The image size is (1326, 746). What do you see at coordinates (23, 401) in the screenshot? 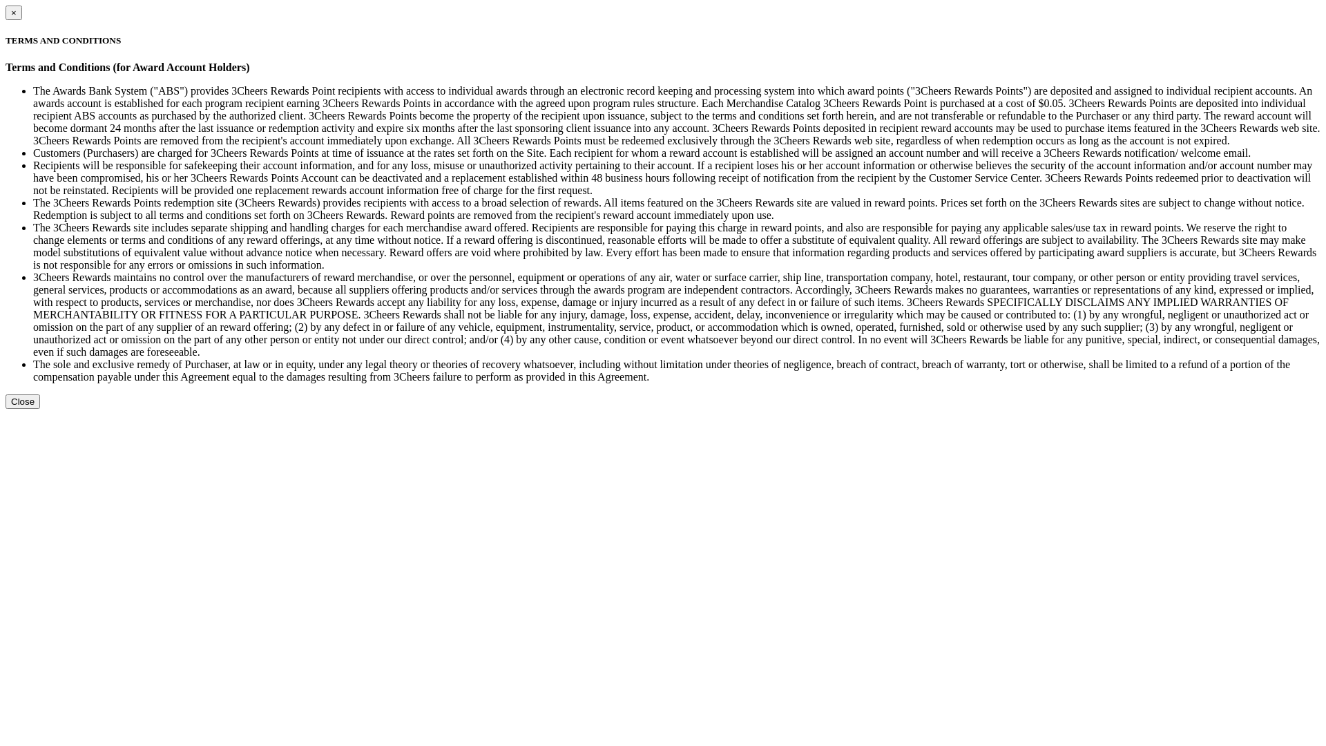
I see `'Close'` at bounding box center [23, 401].